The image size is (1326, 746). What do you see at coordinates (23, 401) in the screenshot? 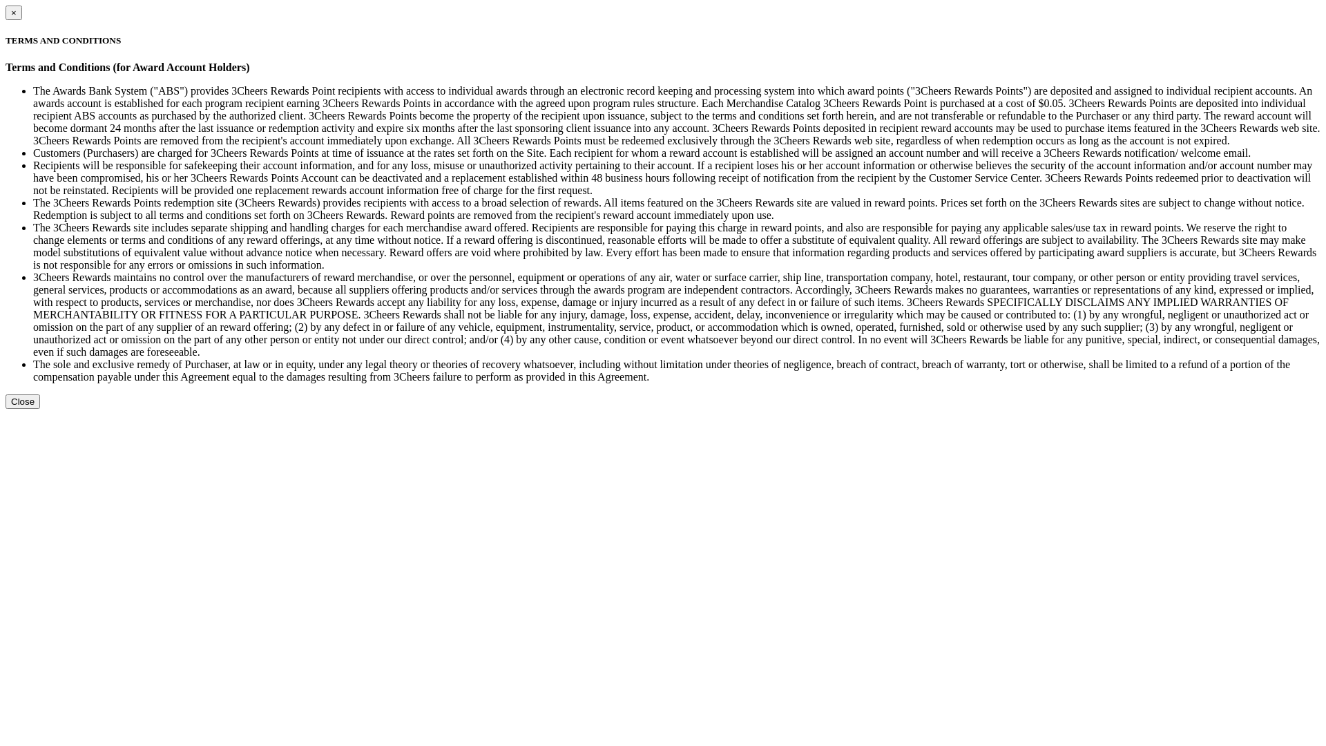
I see `'Close'` at bounding box center [23, 401].